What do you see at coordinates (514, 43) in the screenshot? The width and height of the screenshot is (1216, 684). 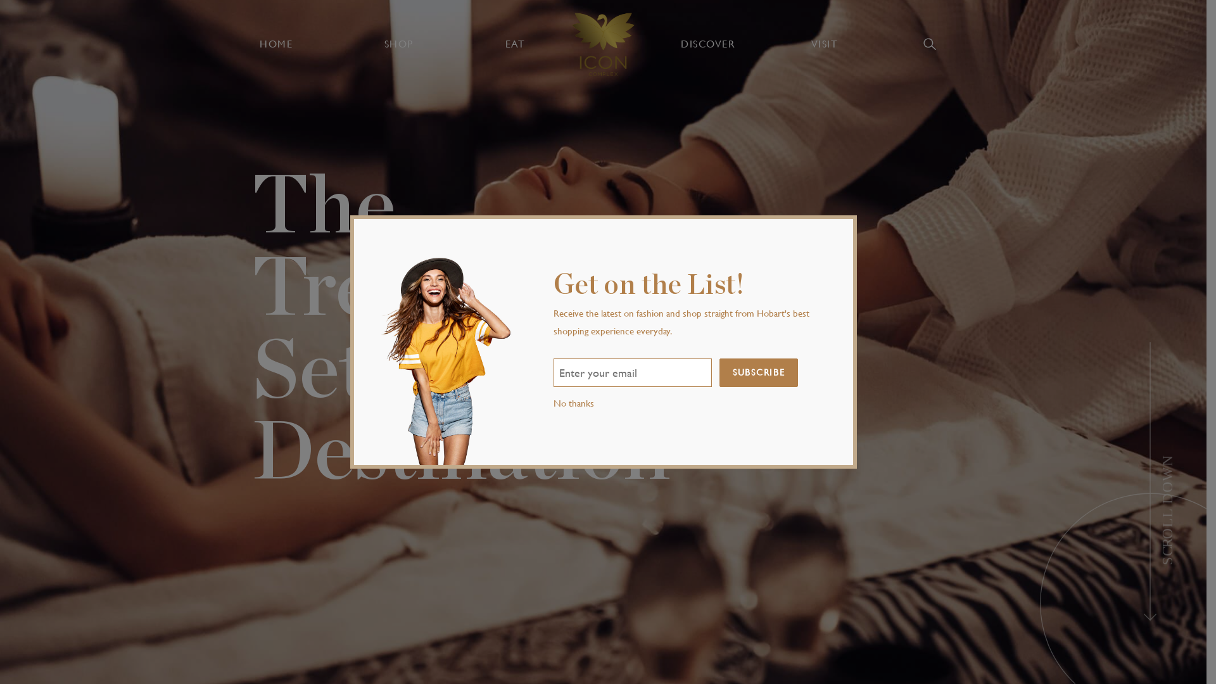 I see `'EAT'` at bounding box center [514, 43].